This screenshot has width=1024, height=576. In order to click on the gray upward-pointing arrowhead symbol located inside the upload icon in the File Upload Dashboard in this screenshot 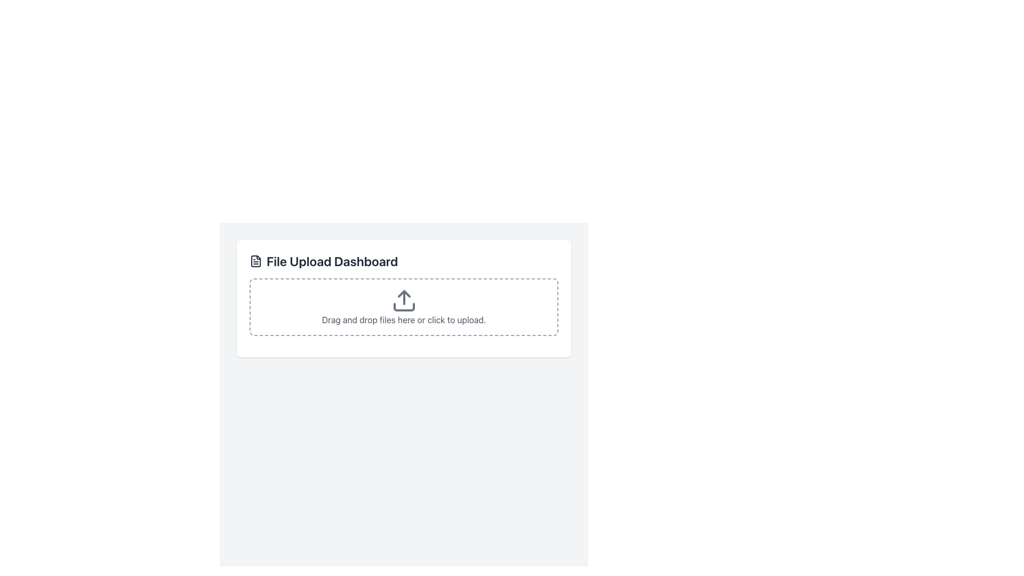, I will do `click(403, 294)`.